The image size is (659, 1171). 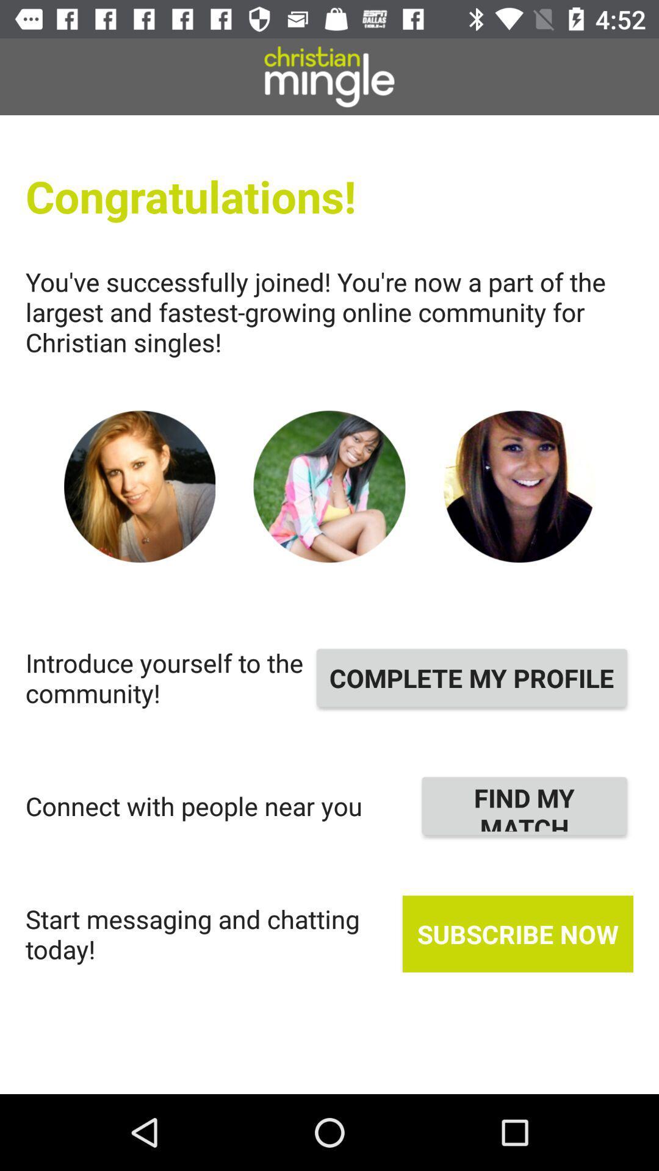 I want to click on icon above the find my match, so click(x=471, y=677).